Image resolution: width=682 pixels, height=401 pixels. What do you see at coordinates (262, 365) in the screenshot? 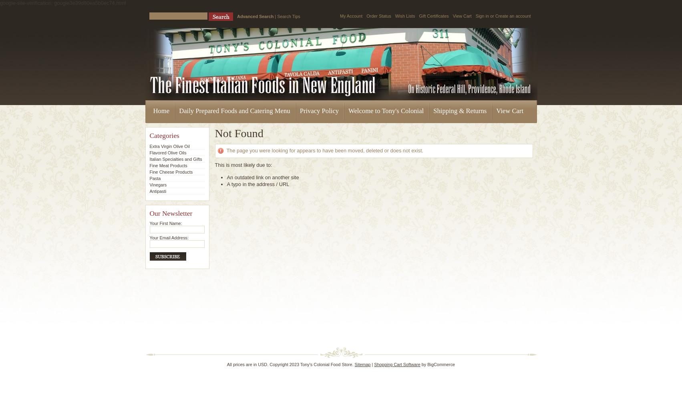
I see `'USD'` at bounding box center [262, 365].